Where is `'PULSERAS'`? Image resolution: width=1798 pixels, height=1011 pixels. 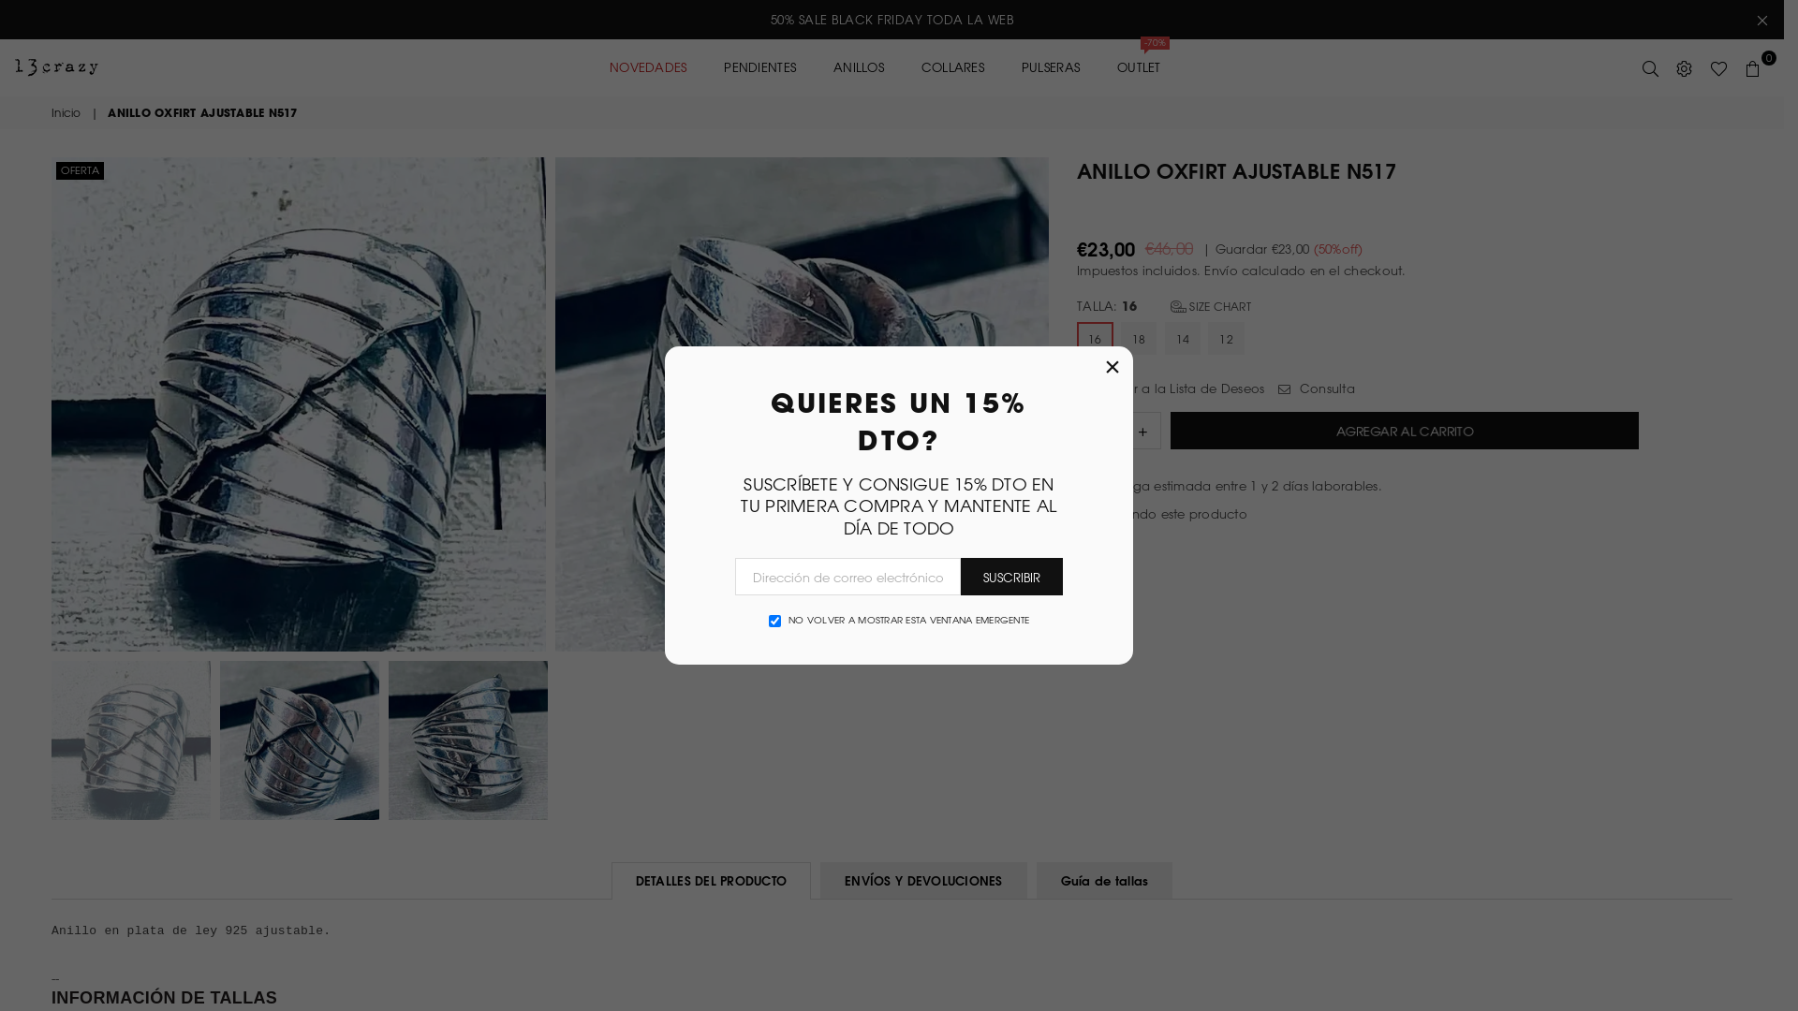
'PULSERAS' is located at coordinates (1051, 66).